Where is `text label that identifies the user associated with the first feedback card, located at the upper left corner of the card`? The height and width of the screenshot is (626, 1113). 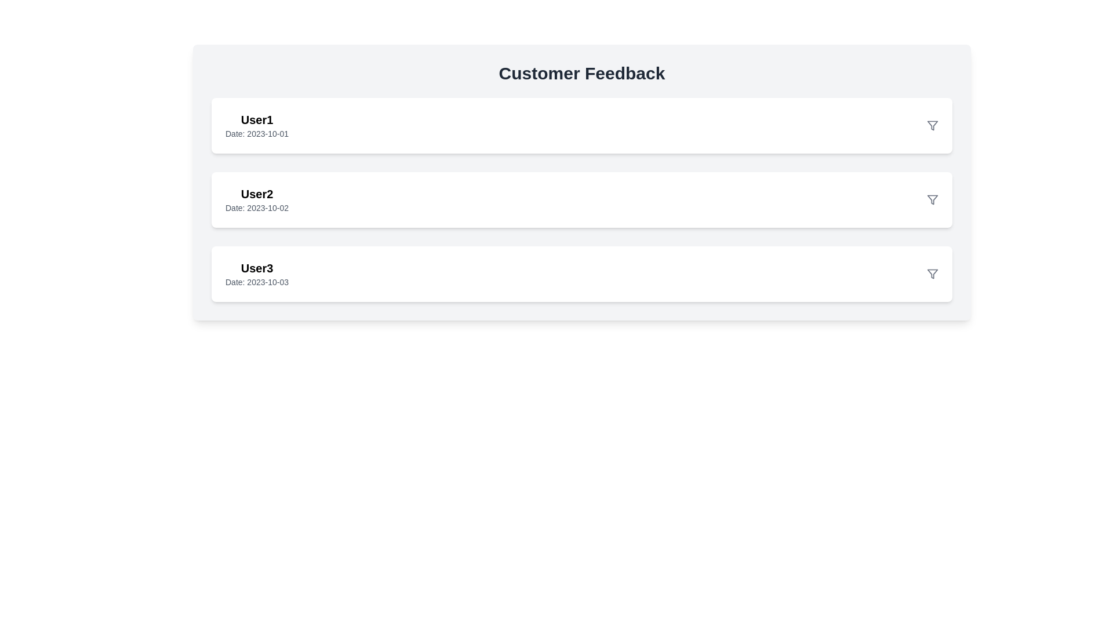
text label that identifies the user associated with the first feedback card, located at the upper left corner of the card is located at coordinates (256, 120).